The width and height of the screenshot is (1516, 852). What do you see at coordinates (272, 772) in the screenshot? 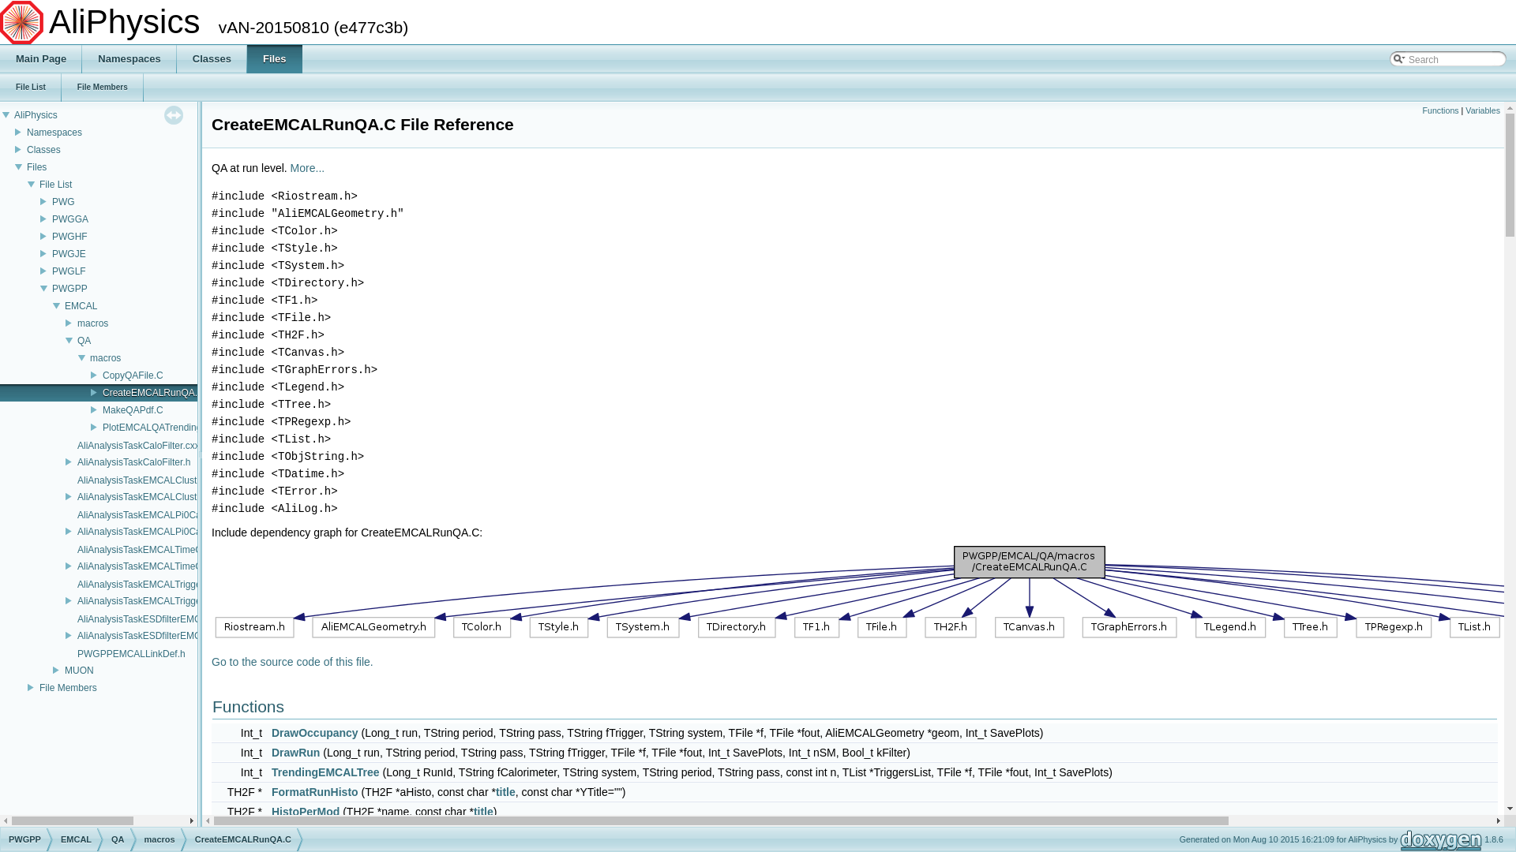
I see `'TrendingEMCALTree'` at bounding box center [272, 772].